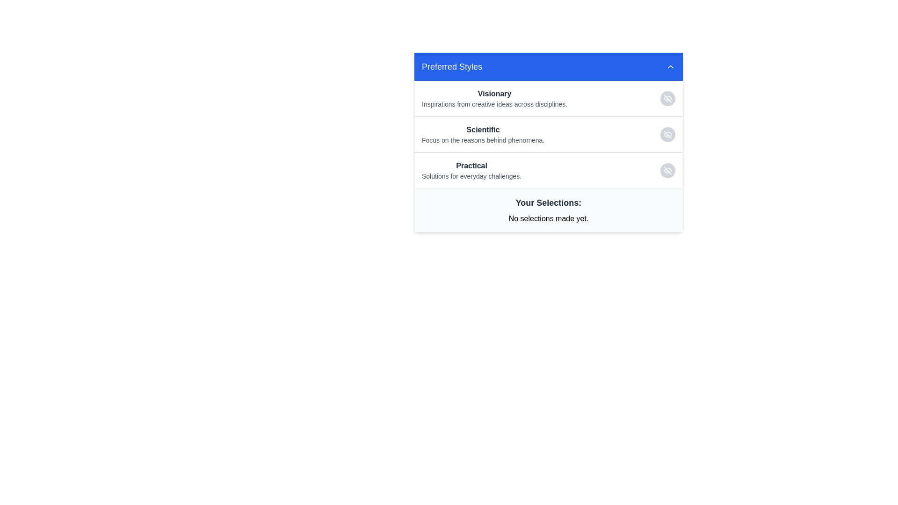  Describe the element at coordinates (548, 209) in the screenshot. I see `the informational text section that displays 'Your Selections:' and 'No selections made yet.'` at that location.